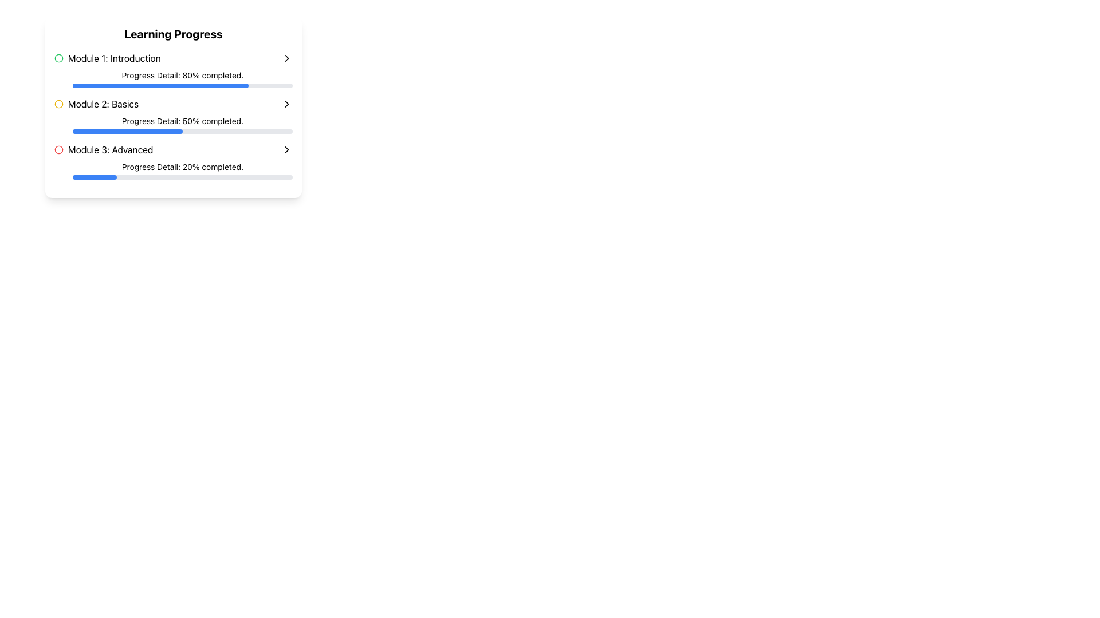 The image size is (1100, 618). Describe the element at coordinates (172, 115) in the screenshot. I see `the Progress tracker for 'Module 2: Basics'` at that location.